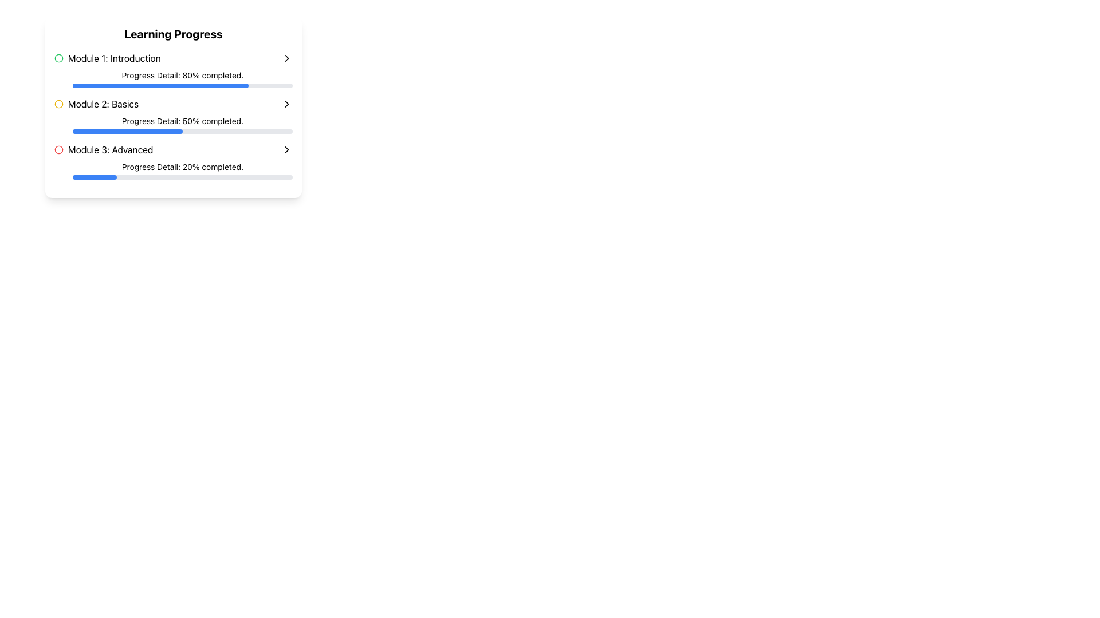 The image size is (1100, 618). Describe the element at coordinates (172, 115) in the screenshot. I see `the Progress tracker for 'Module 2: Basics'` at that location.